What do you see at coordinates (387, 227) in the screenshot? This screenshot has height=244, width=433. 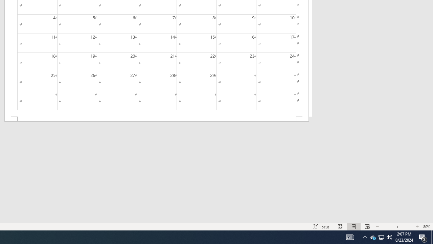 I see `'Zoom Out'` at bounding box center [387, 227].